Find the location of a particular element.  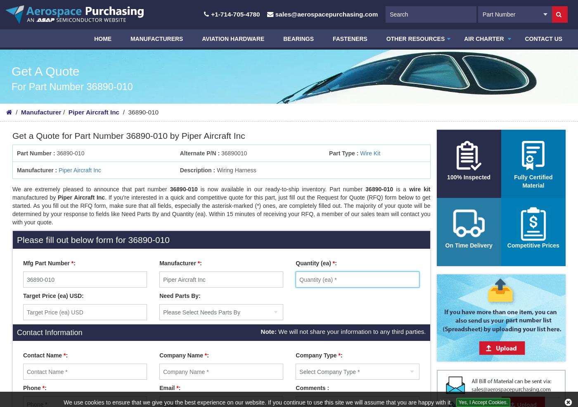

'Home' is located at coordinates (104, 38).